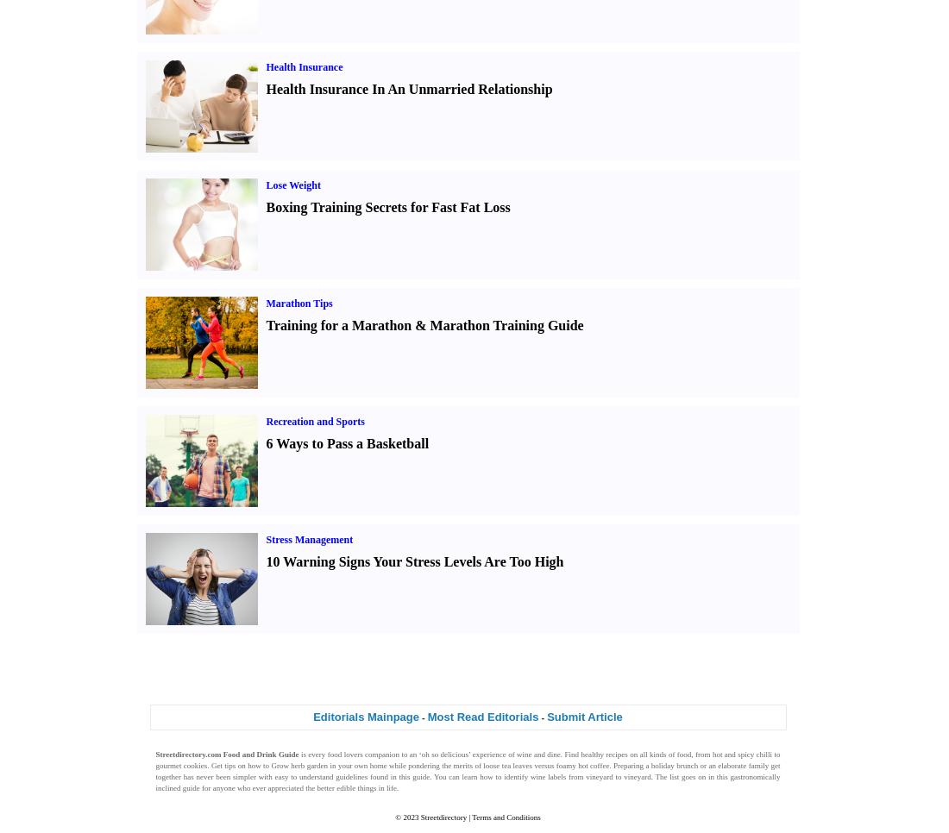 This screenshot has height=833, width=949. What do you see at coordinates (584, 715) in the screenshot?
I see `'Submit Article'` at bounding box center [584, 715].